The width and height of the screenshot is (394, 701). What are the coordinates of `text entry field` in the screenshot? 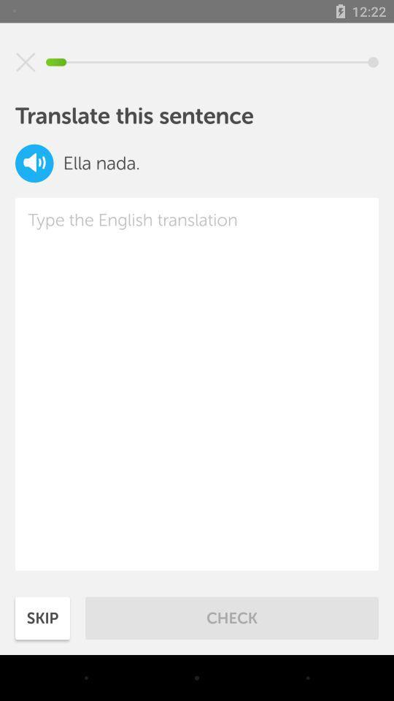 It's located at (197, 383).